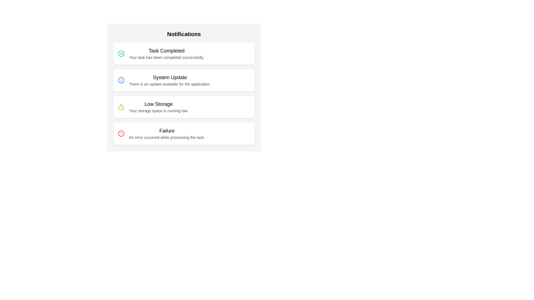  What do you see at coordinates (121, 107) in the screenshot?
I see `the triangular warning icon with a yellow outline that is part of the 'Low Storage' notification in the 'Notifications' section` at bounding box center [121, 107].